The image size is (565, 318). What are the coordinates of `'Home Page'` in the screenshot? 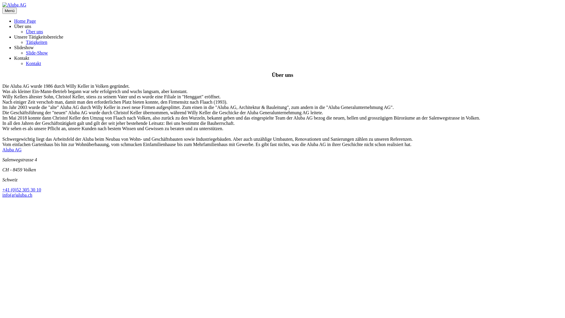 It's located at (25, 21).